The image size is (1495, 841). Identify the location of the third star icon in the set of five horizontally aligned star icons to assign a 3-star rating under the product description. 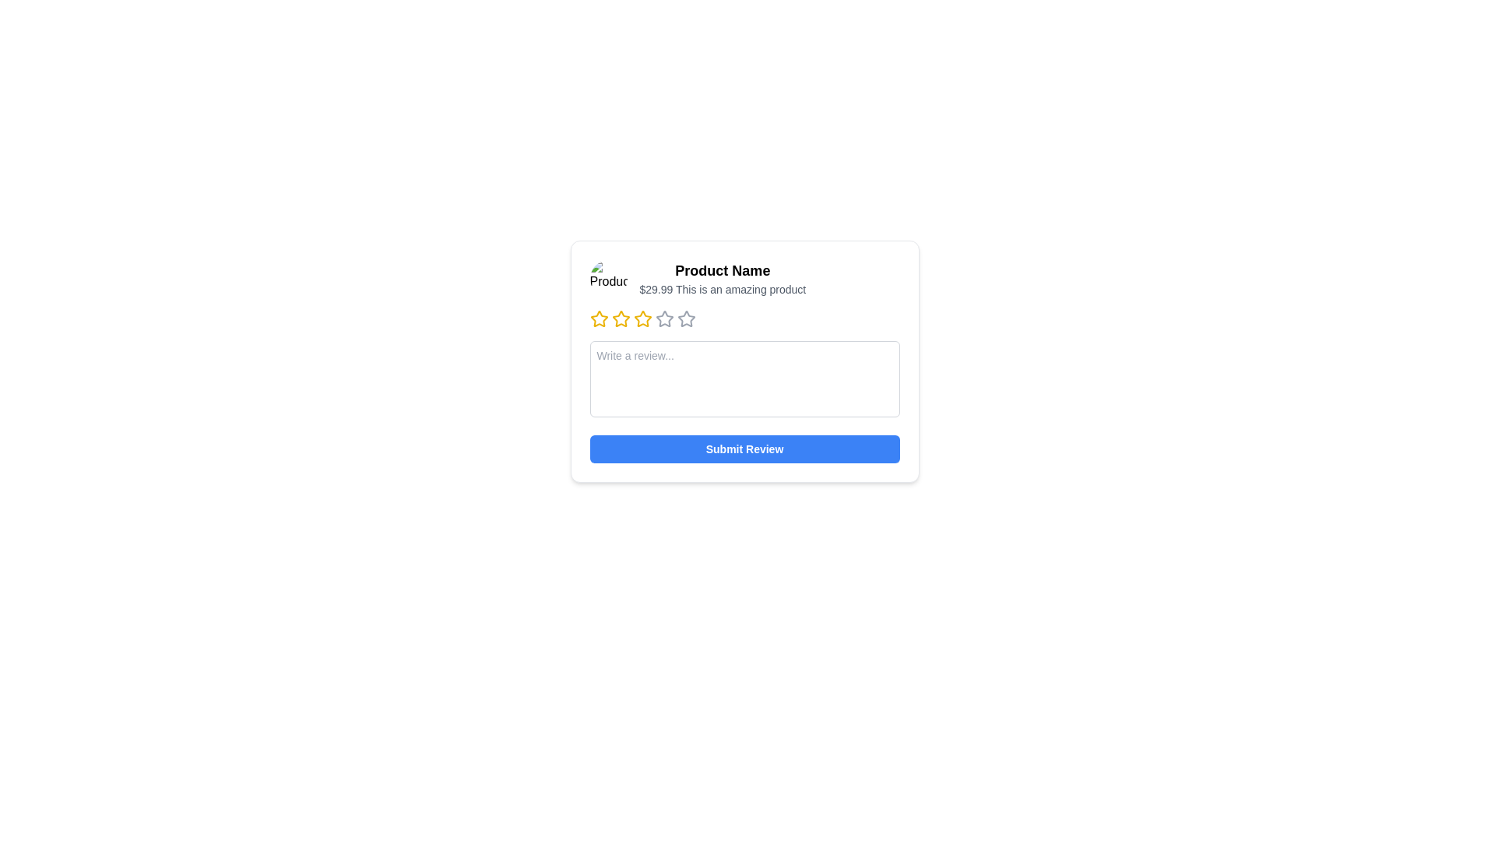
(642, 318).